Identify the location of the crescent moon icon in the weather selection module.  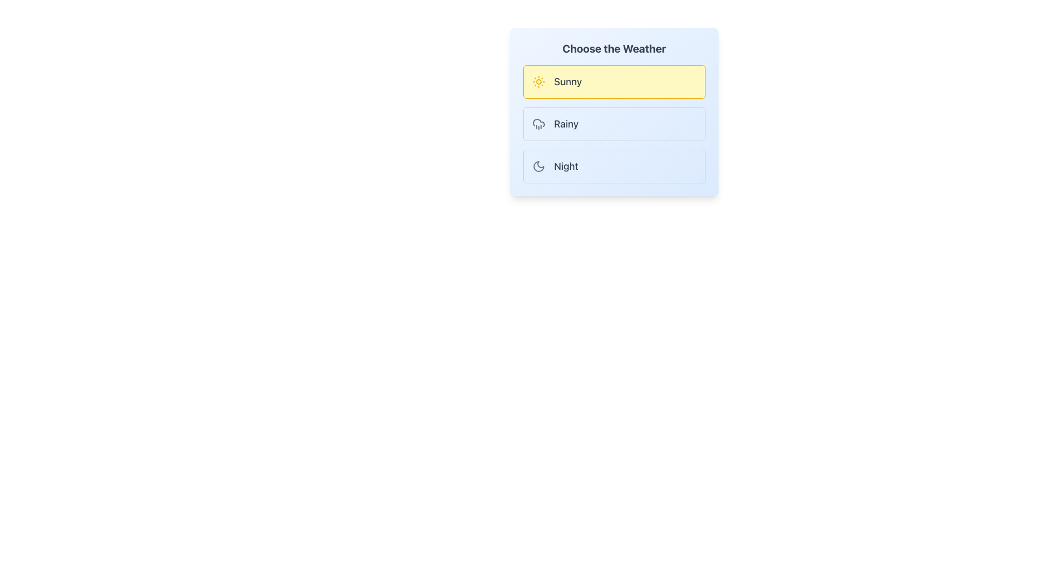
(539, 167).